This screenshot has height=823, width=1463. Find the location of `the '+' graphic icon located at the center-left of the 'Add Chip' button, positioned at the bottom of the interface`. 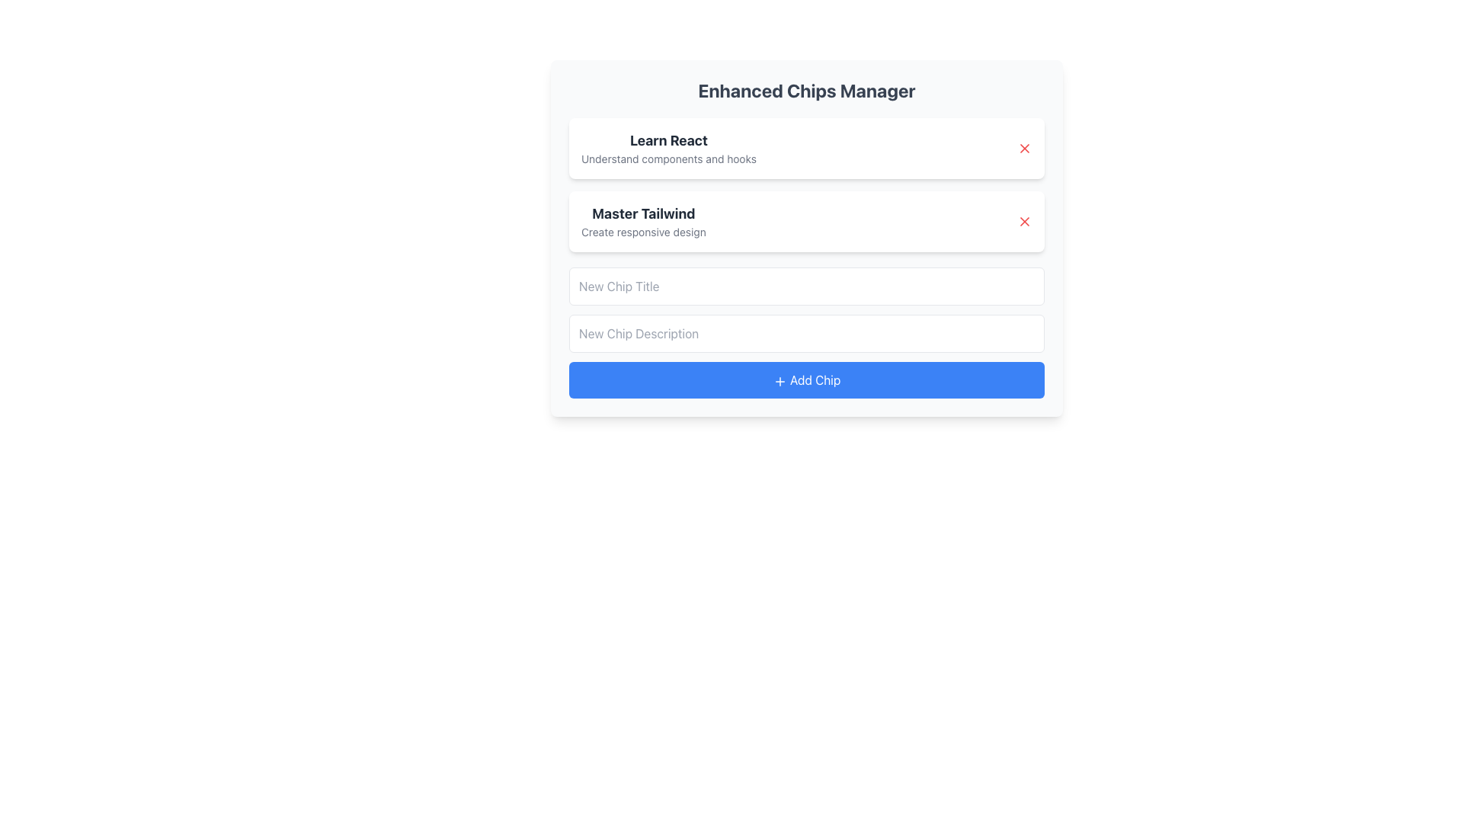

the '+' graphic icon located at the center-left of the 'Add Chip' button, positioned at the bottom of the interface is located at coordinates (780, 380).